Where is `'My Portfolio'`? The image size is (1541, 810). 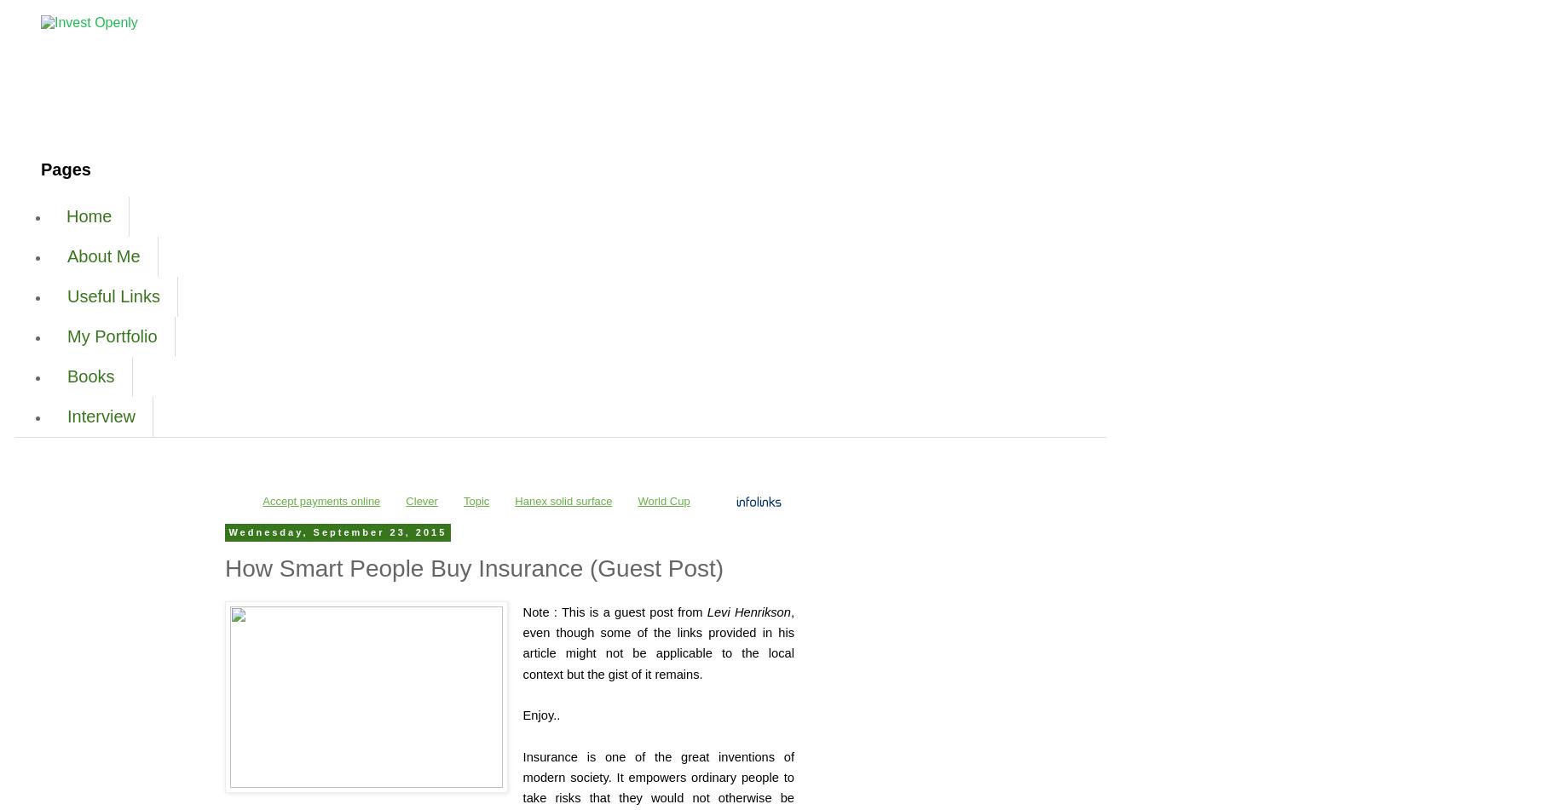 'My Portfolio' is located at coordinates (111, 336).